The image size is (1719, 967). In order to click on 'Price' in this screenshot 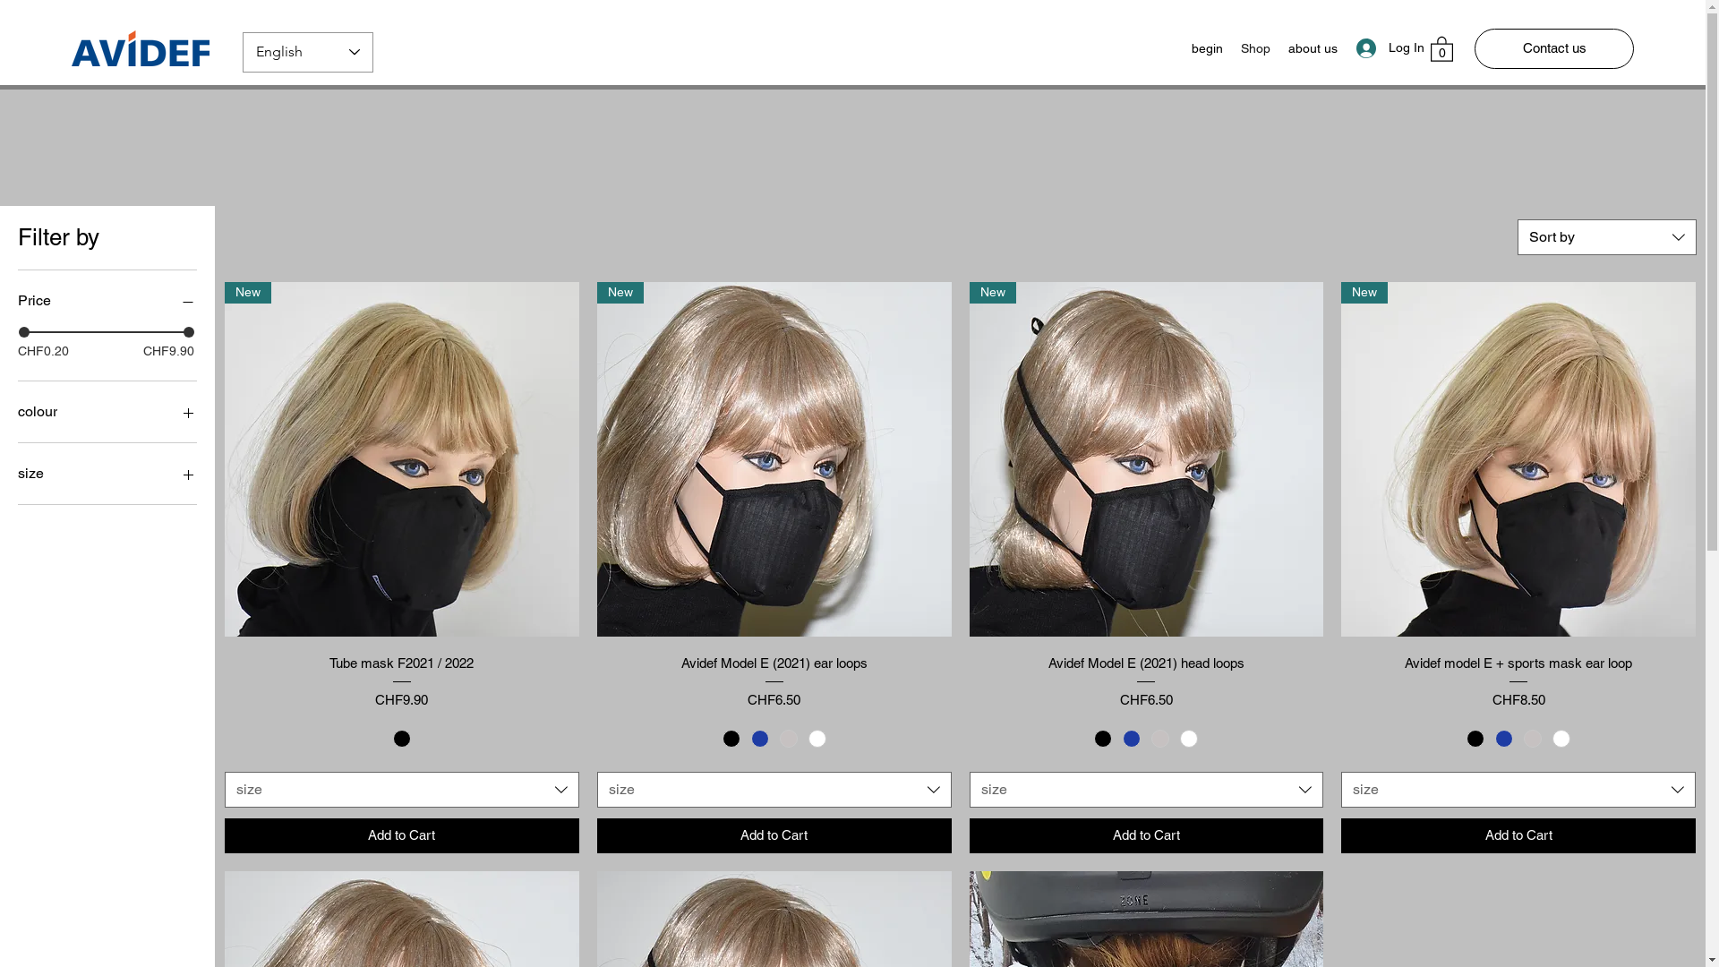, I will do `click(107, 299)`.